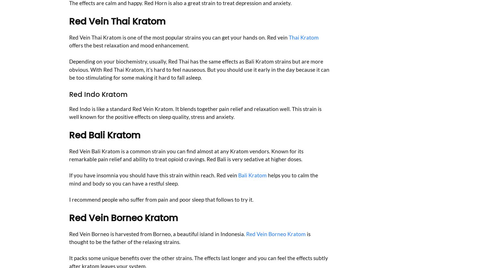 The height and width of the screenshot is (268, 494). I want to click on 'I recommend people who suffer from pain and poor sleep that follows to try it.', so click(161, 199).